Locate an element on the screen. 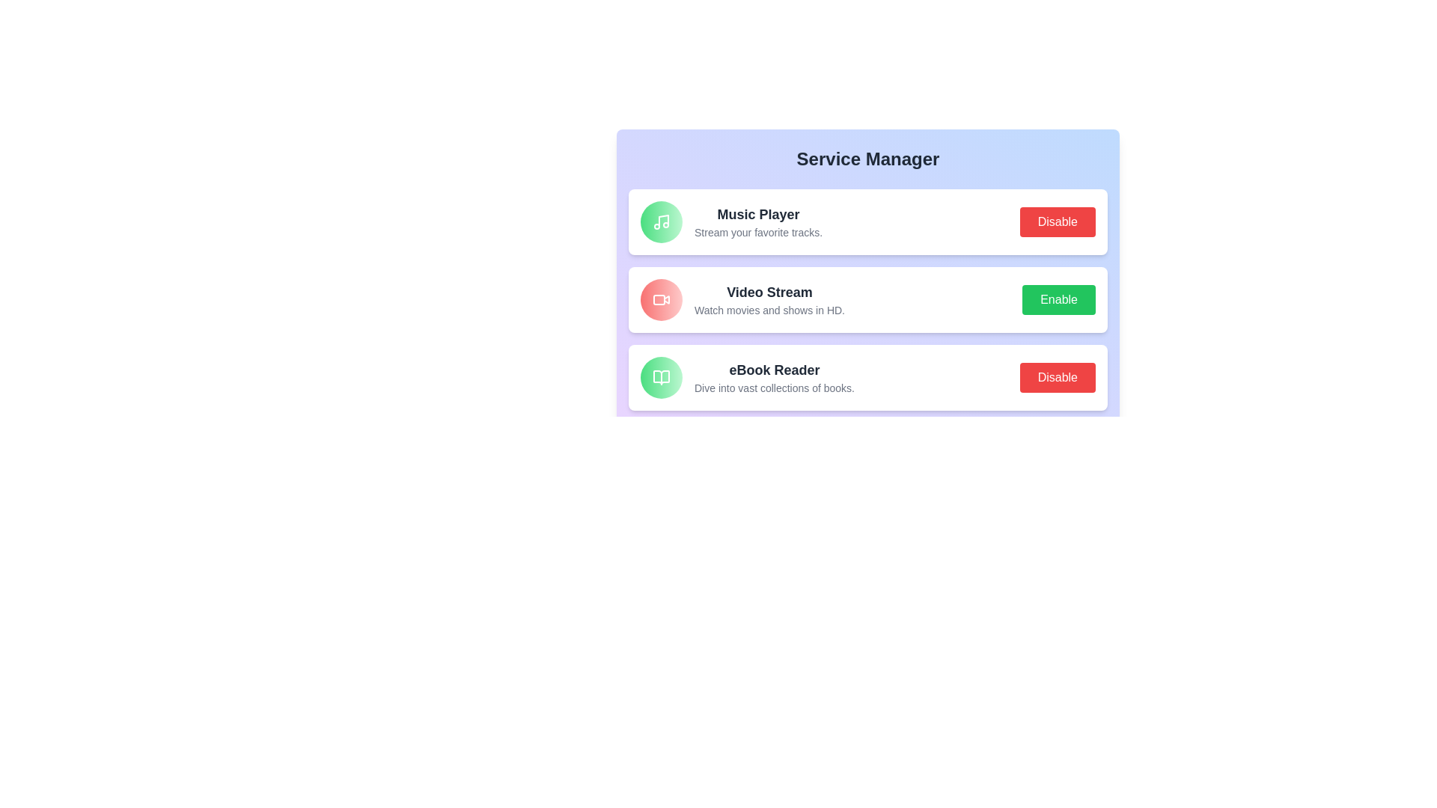 This screenshot has height=808, width=1437. the icon of the service Music Player is located at coordinates (660, 222).